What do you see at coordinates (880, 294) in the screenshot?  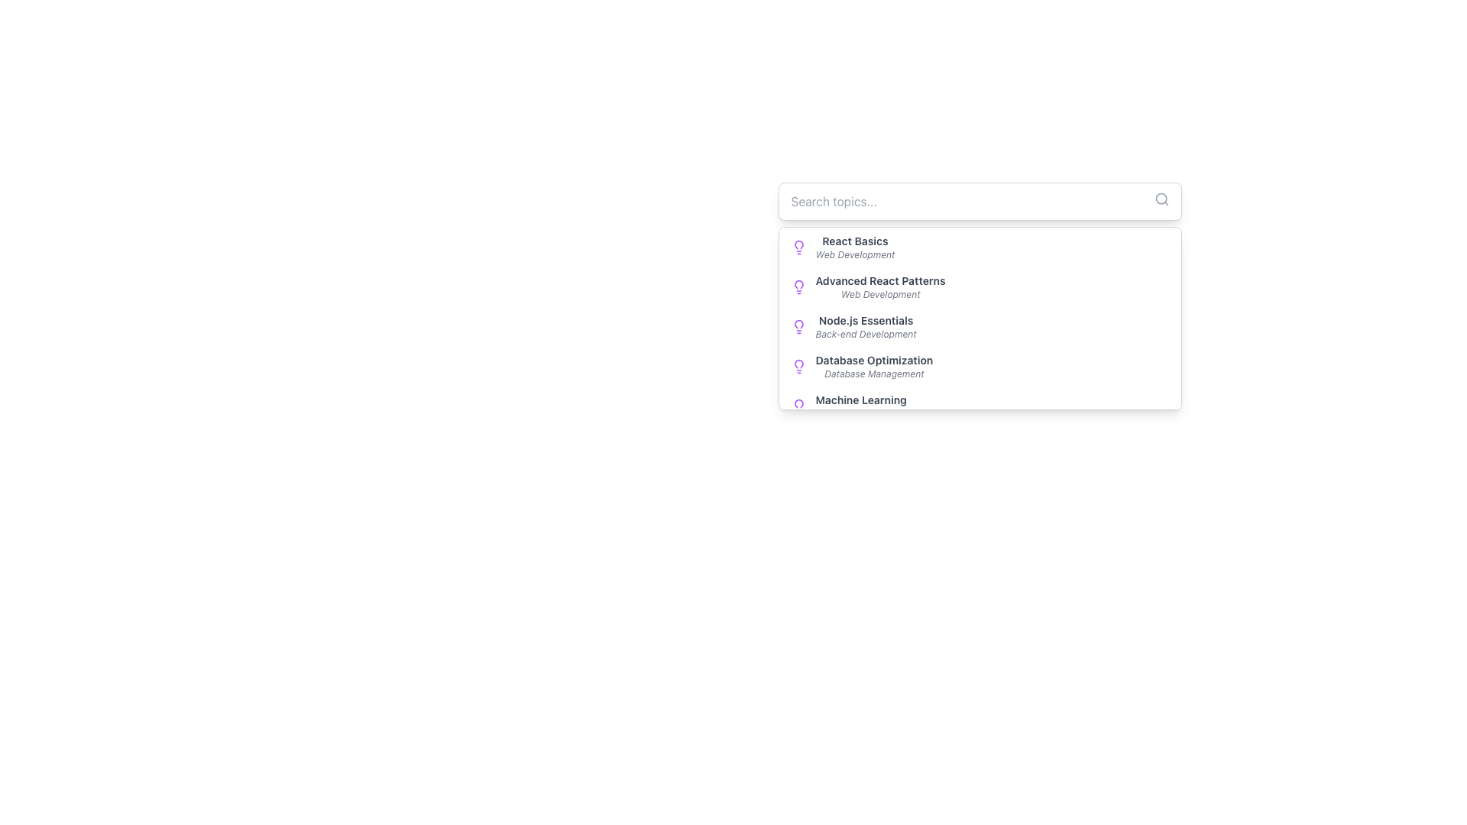 I see `the text label displaying 'Web Development', which is styled in gray and italic, located below 'Advanced React Patterns'` at bounding box center [880, 294].